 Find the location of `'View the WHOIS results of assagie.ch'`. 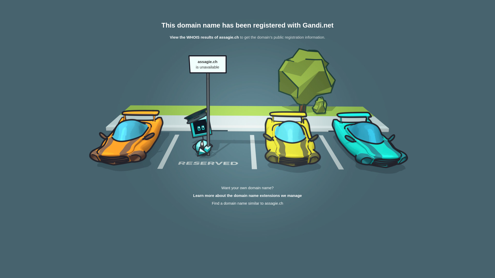

'View the WHOIS results of assagie.ch' is located at coordinates (204, 37).